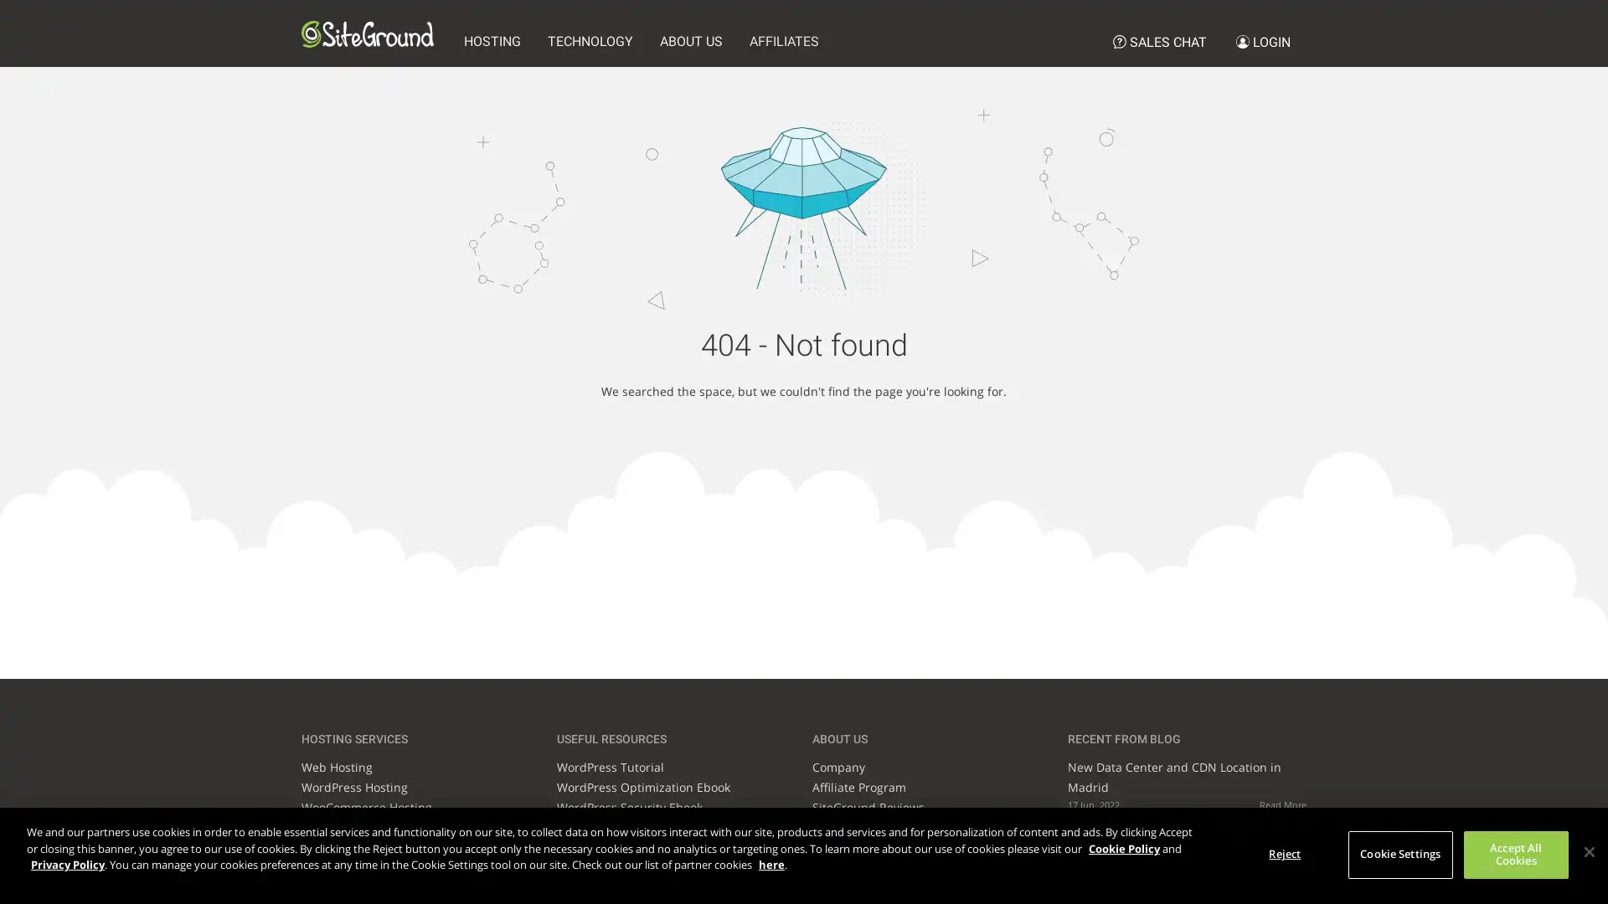 The height and width of the screenshot is (904, 1608). What do you see at coordinates (1399, 854) in the screenshot?
I see `Cookie Settings` at bounding box center [1399, 854].